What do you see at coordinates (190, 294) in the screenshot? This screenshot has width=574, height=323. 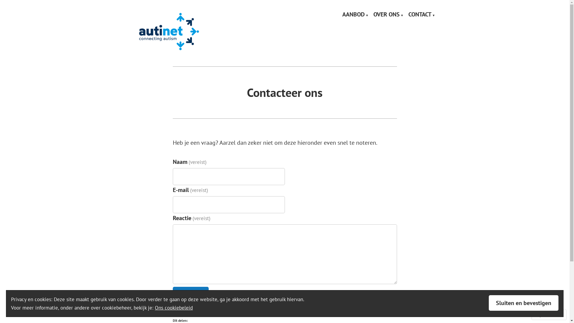 I see `'Verstuur'` at bounding box center [190, 294].